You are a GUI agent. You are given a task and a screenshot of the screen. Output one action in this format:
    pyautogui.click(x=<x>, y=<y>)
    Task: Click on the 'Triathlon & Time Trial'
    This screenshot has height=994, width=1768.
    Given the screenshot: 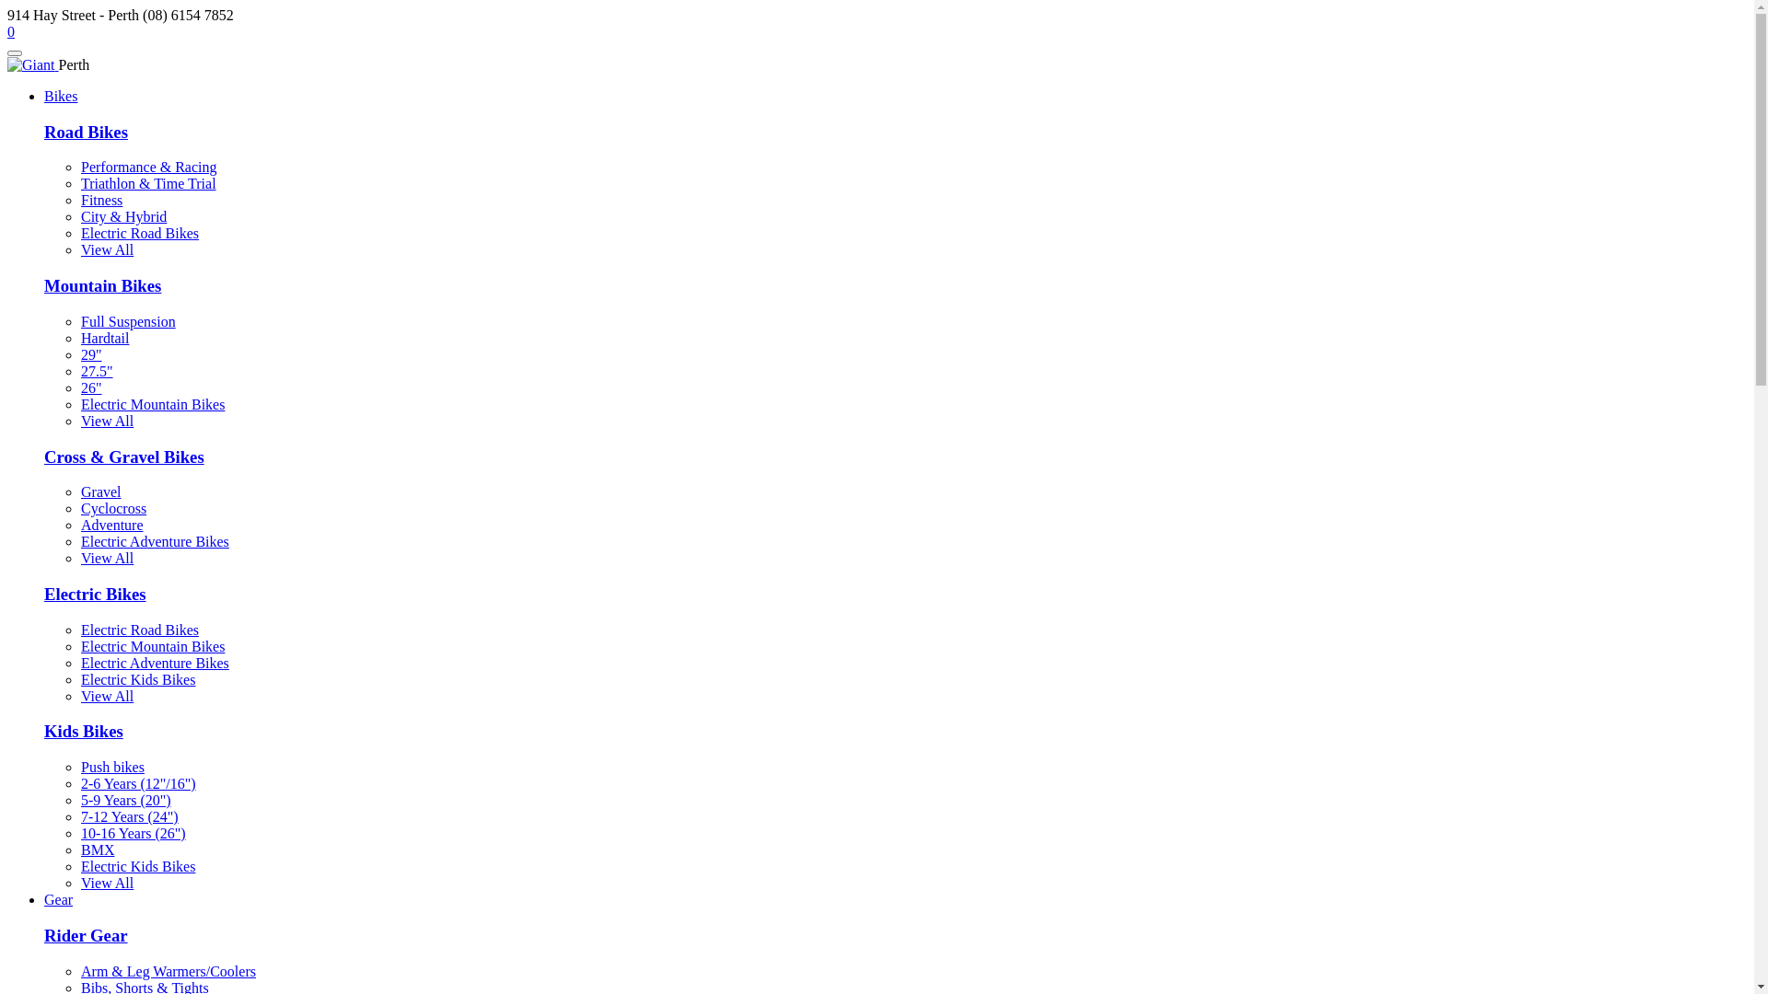 What is the action you would take?
    pyautogui.click(x=148, y=183)
    